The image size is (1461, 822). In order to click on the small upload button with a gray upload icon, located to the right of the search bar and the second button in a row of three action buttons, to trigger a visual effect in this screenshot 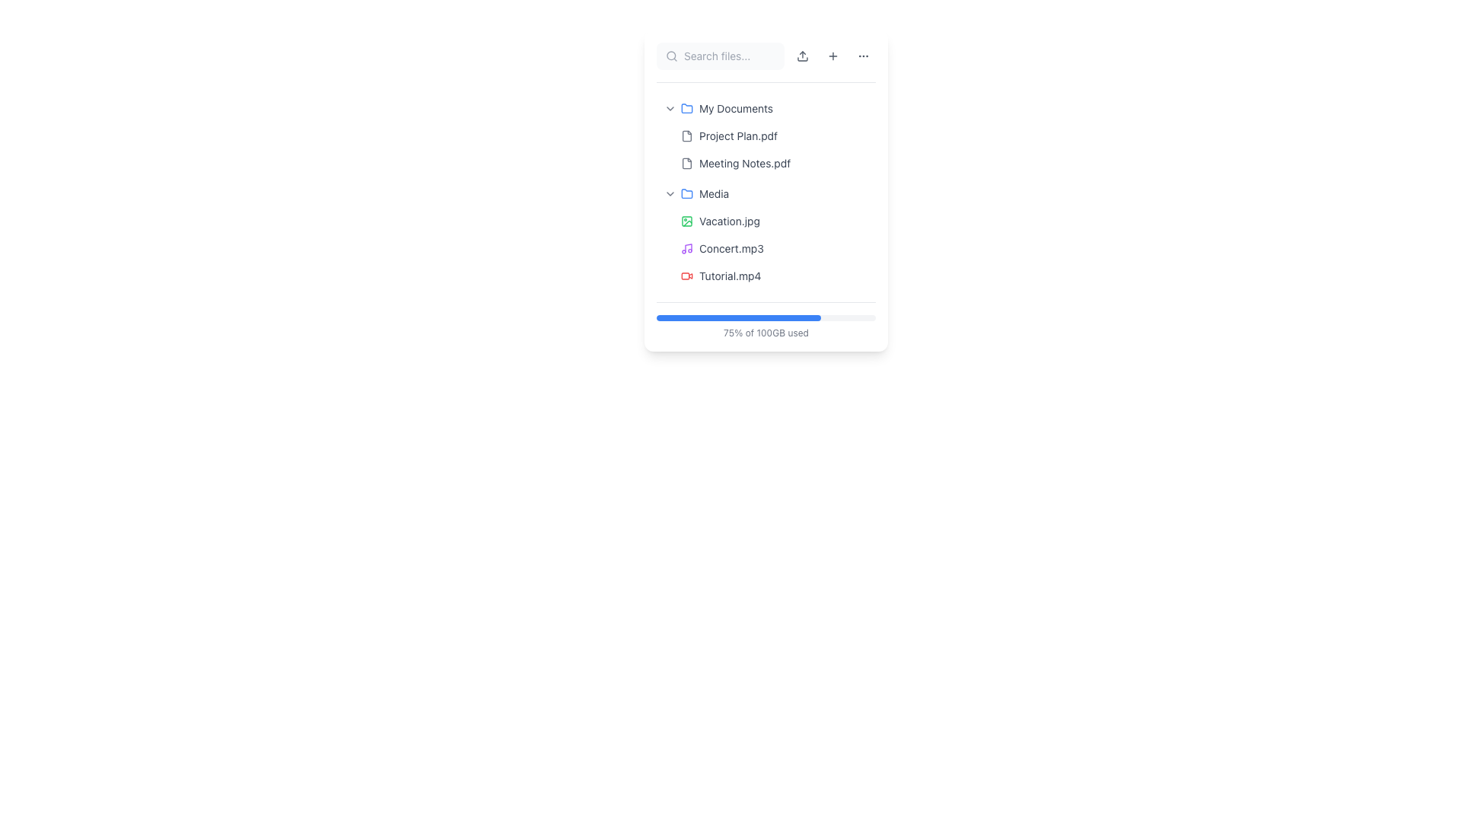, I will do `click(802, 55)`.